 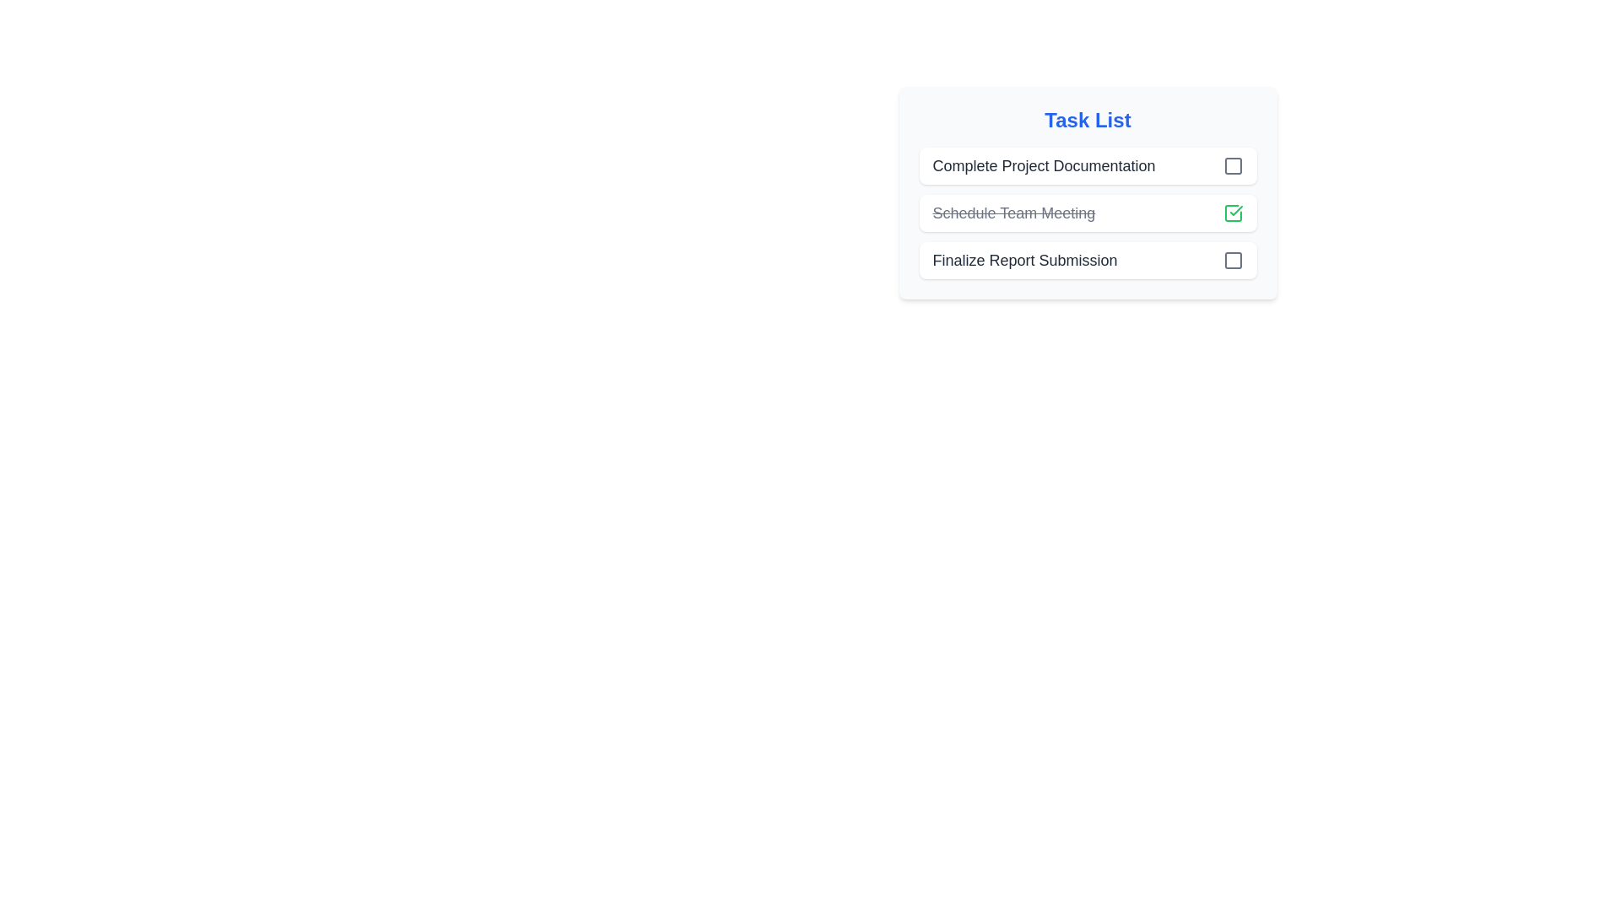 What do you see at coordinates (1088, 260) in the screenshot?
I see `the last task item in the task list, which includes a checkbox for marking the task as complete` at bounding box center [1088, 260].